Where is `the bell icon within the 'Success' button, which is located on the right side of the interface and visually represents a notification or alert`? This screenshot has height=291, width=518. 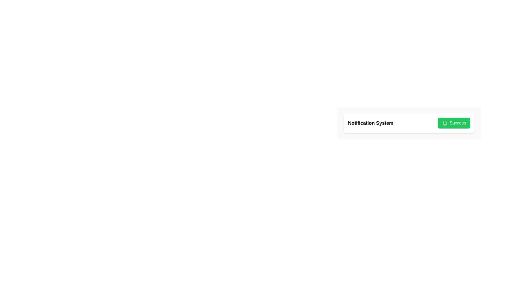 the bell icon within the 'Success' button, which is located on the right side of the interface and visually represents a notification or alert is located at coordinates (445, 123).